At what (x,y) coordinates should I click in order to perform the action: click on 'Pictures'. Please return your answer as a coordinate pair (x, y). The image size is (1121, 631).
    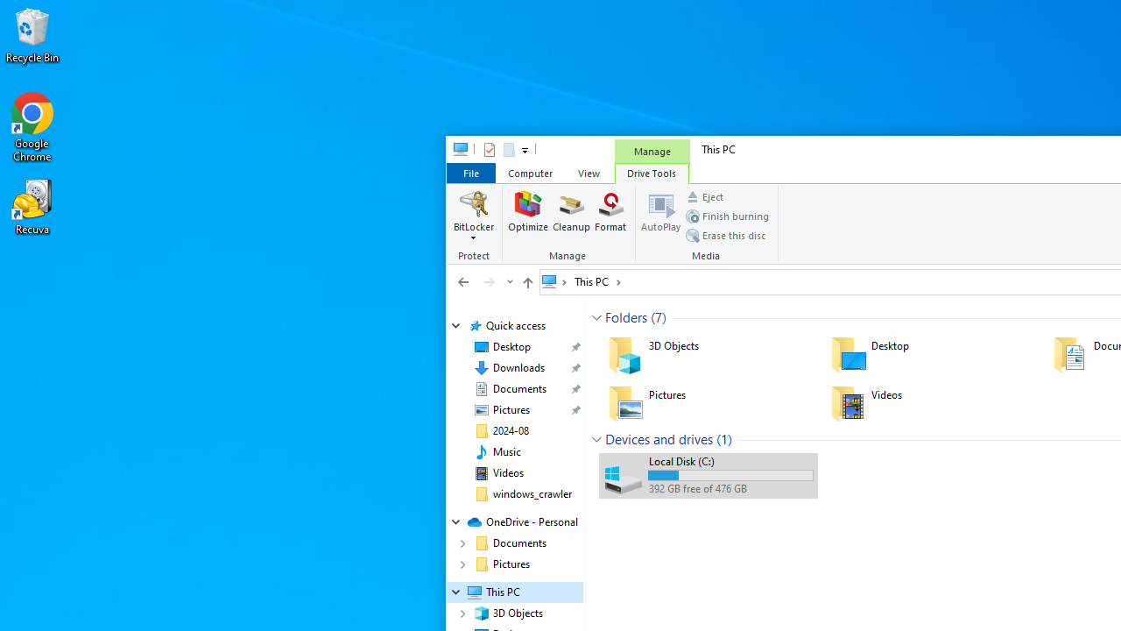
    Looking at the image, I should click on (708, 403).